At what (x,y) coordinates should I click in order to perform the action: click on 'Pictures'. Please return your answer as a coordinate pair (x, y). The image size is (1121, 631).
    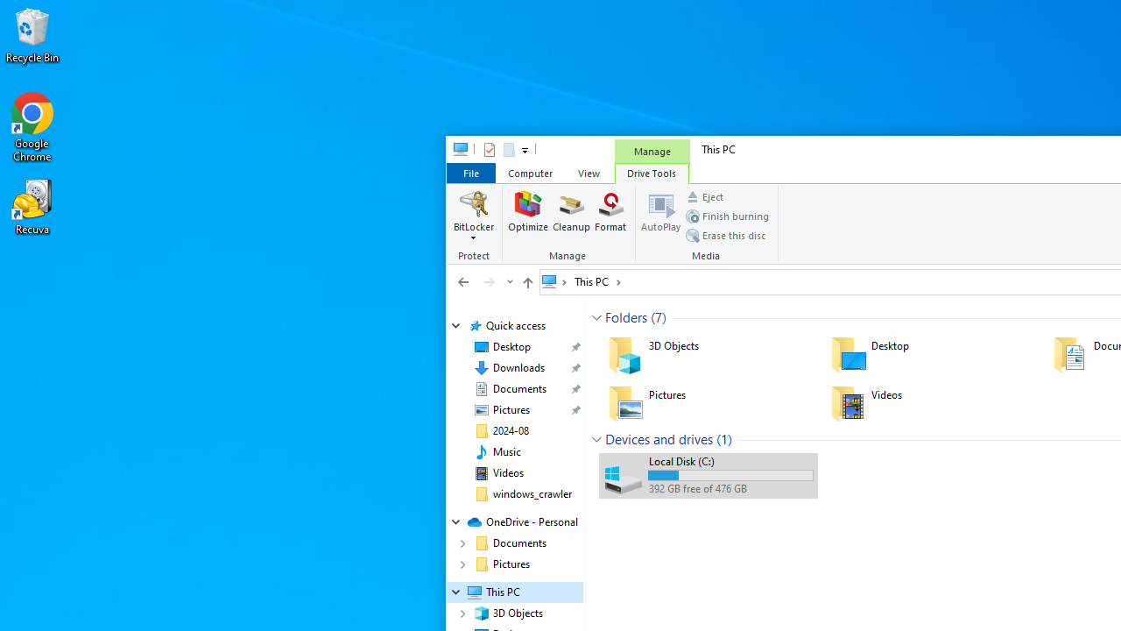
    Looking at the image, I should click on (708, 403).